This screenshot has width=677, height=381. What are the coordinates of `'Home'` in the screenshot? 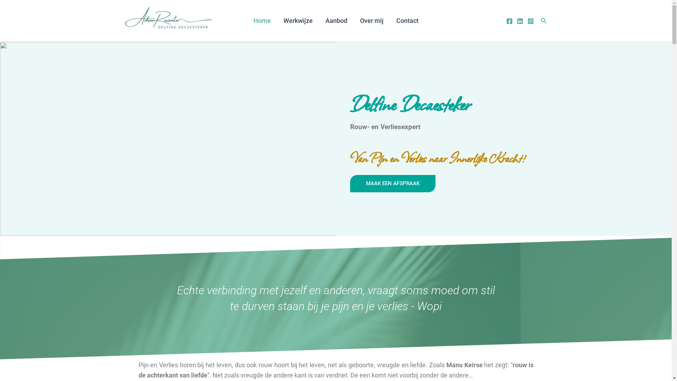 It's located at (261, 20).